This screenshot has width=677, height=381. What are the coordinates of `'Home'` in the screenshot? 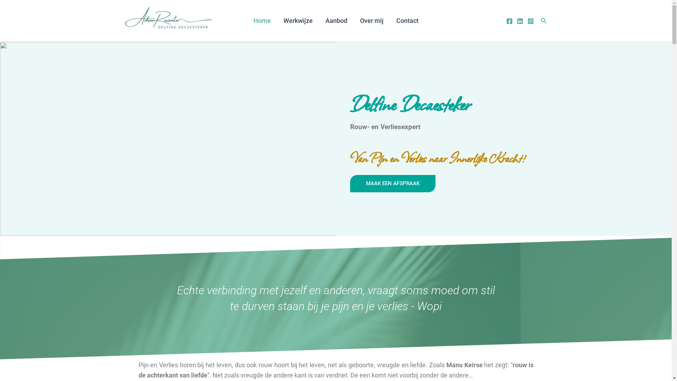 It's located at (261, 20).